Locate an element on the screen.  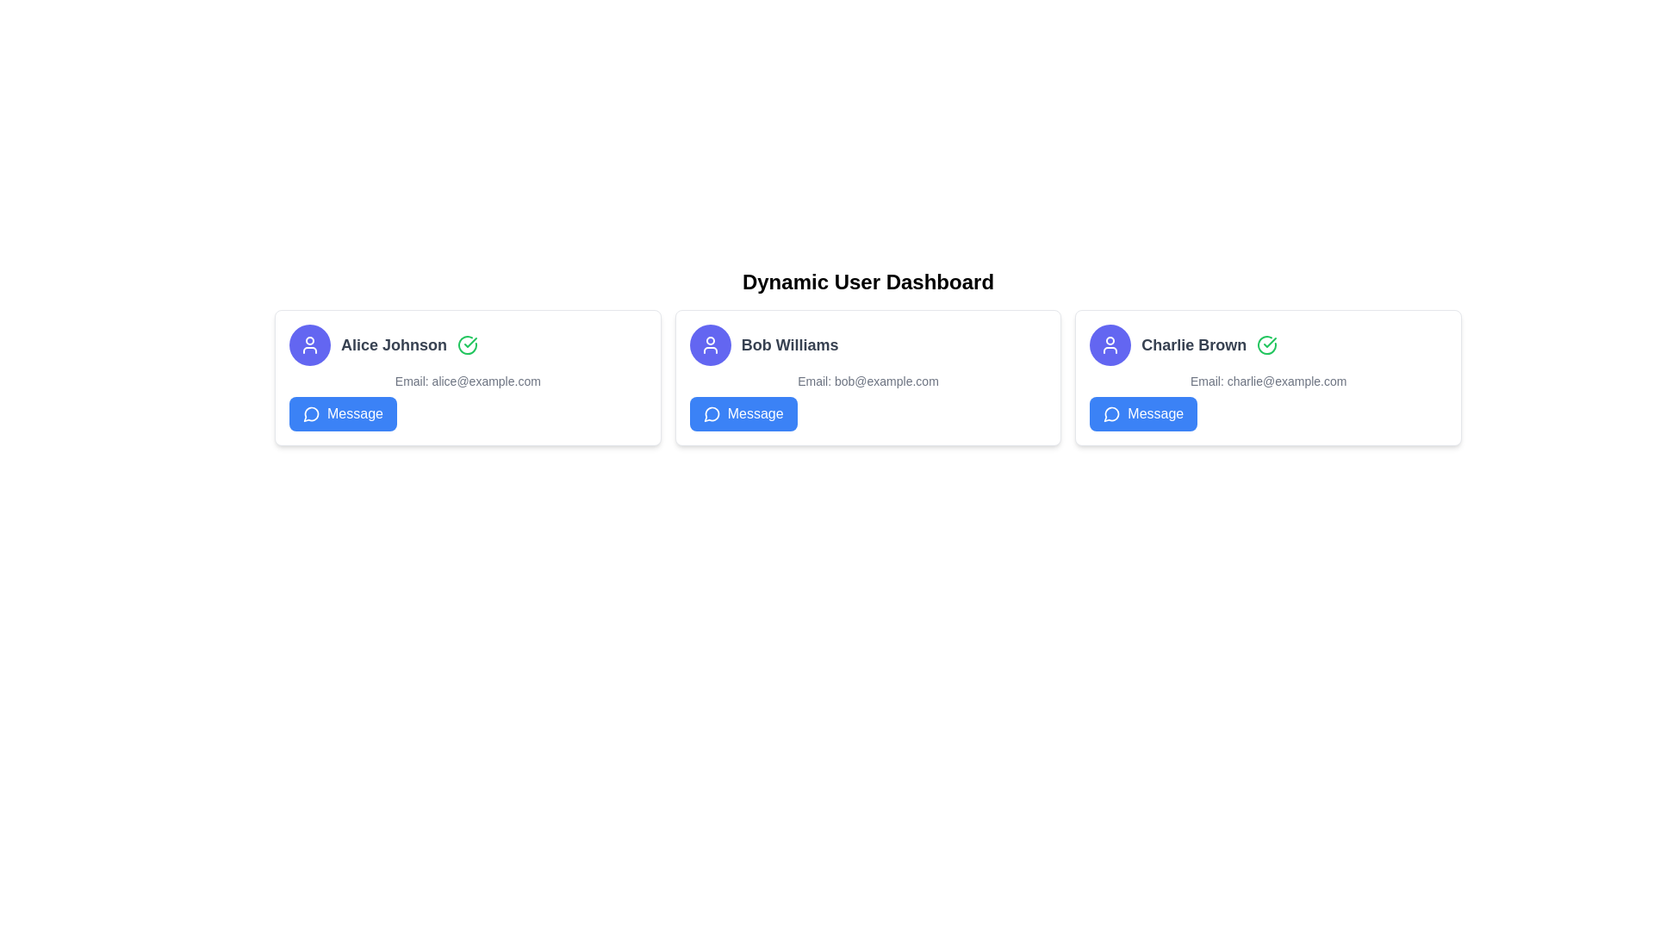
the green circular icon with a checkmark inside, part of the user profile card for 'Charlie Brown', located at the top-right of the dashboard is located at coordinates (1266, 344).